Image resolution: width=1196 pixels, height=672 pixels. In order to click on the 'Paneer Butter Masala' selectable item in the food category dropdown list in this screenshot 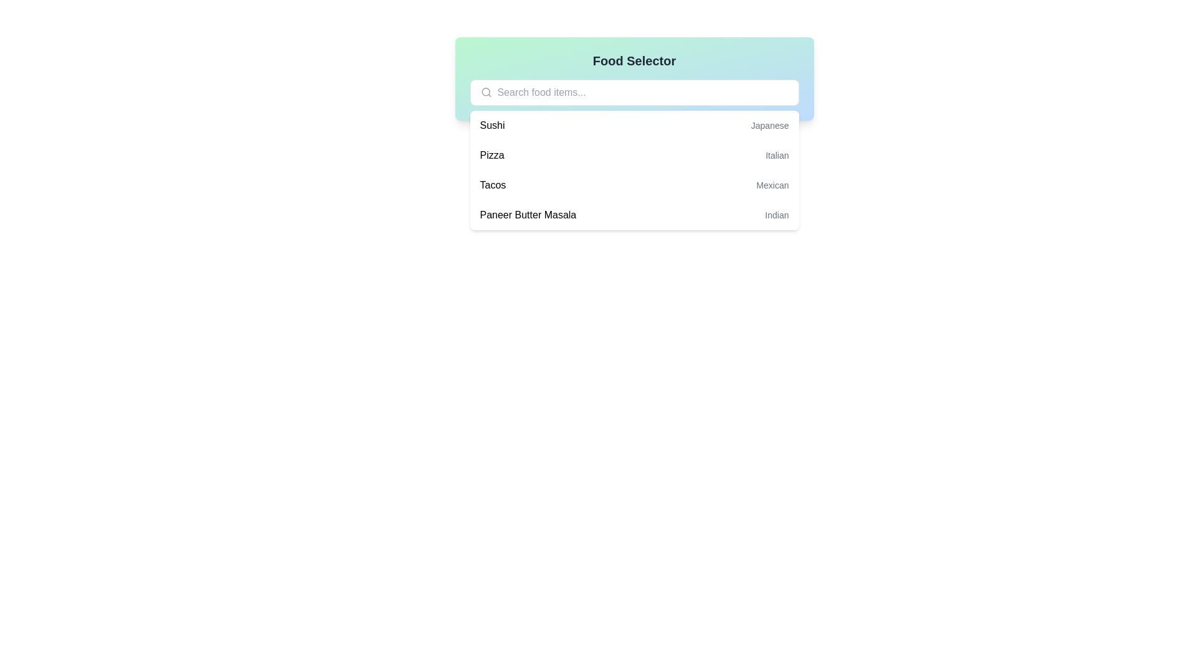, I will do `click(634, 215)`.